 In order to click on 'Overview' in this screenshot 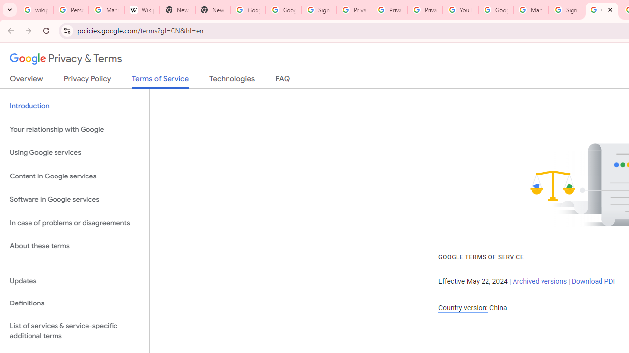, I will do `click(27, 80)`.